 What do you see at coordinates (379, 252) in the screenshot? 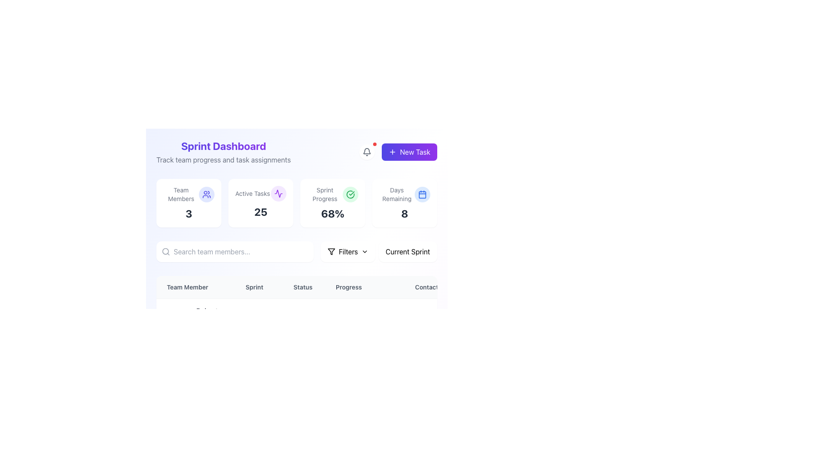
I see `the 'Filters' and 'Current Sprint' buttons in the interactive toolbar located centrally beneath the dashboard metrics section` at bounding box center [379, 252].